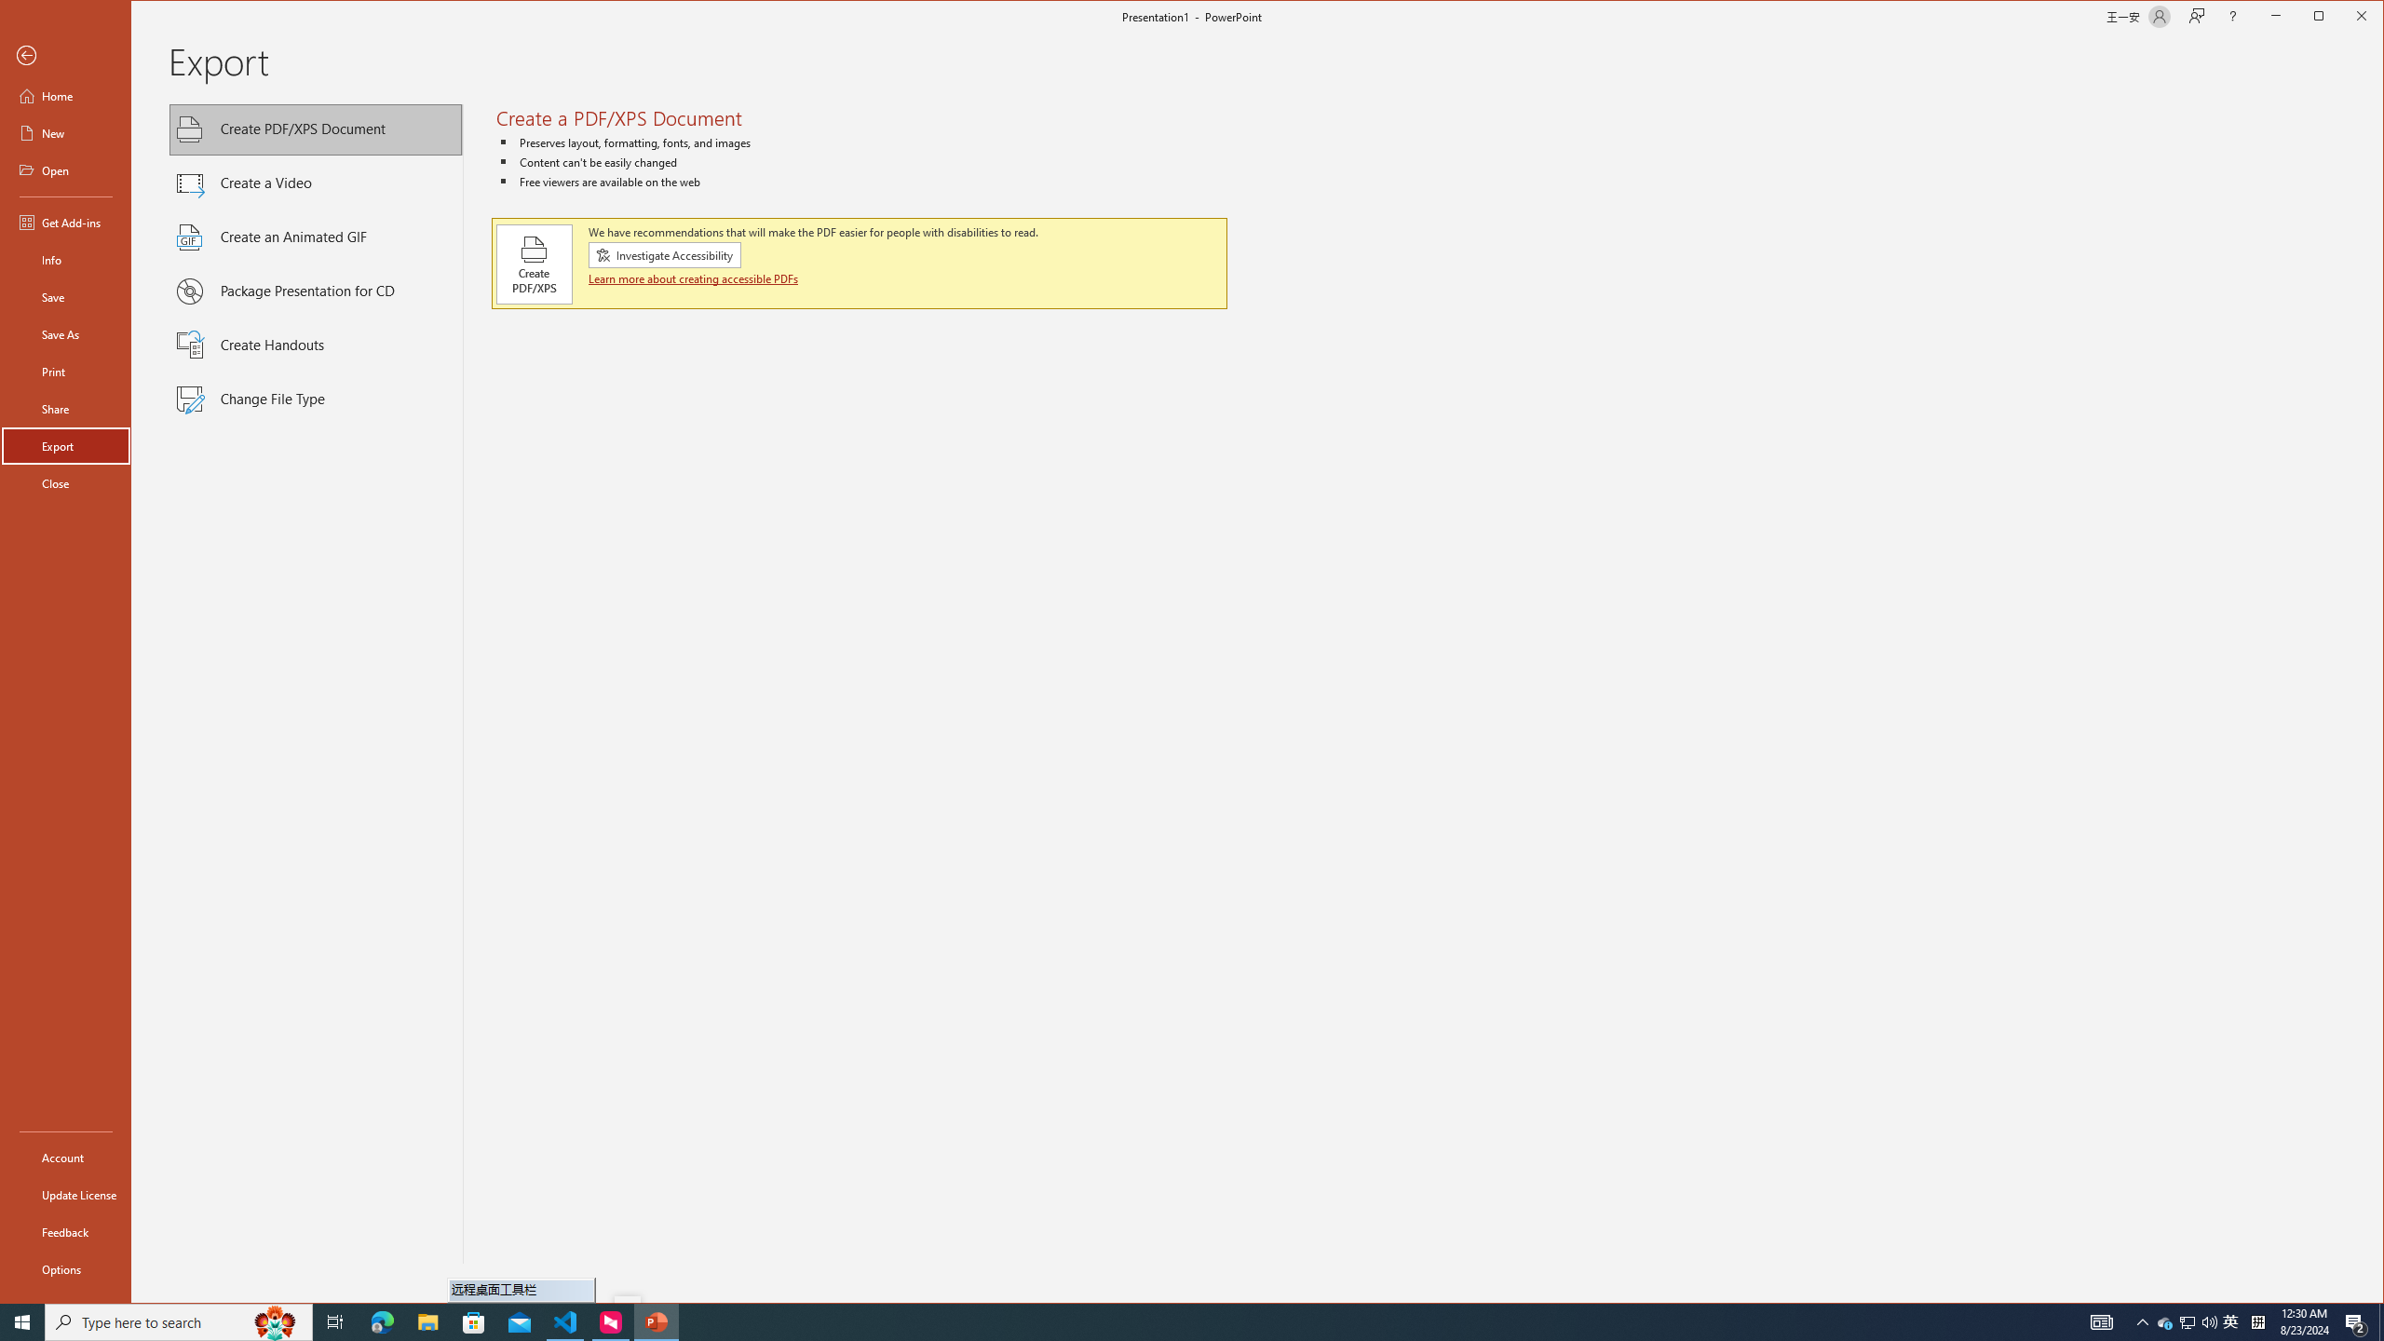 The width and height of the screenshot is (2384, 1341). I want to click on 'Print', so click(64, 371).